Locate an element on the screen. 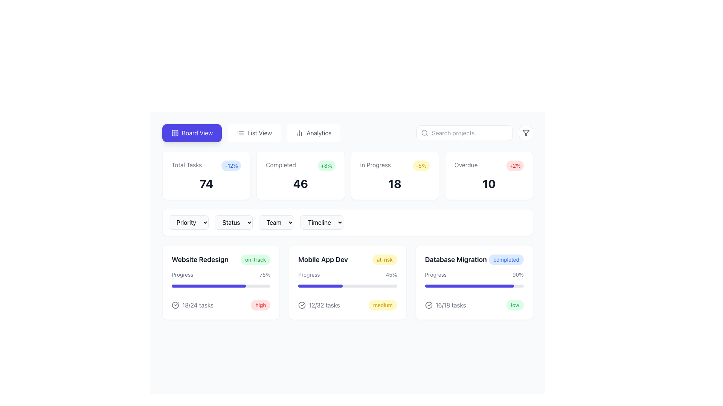 The width and height of the screenshot is (723, 406). the circular part of the magnifying glass icon in the top-right corner of the interface, which symbolizes a search function is located at coordinates (424, 132).